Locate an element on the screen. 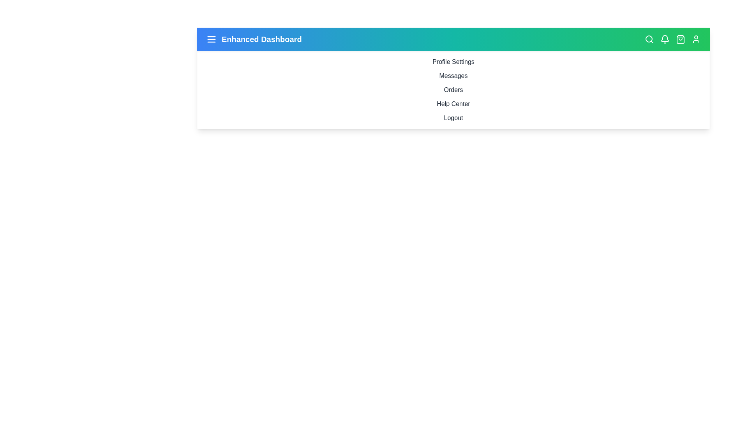  the sidebar menu item Messages is located at coordinates (453, 76).